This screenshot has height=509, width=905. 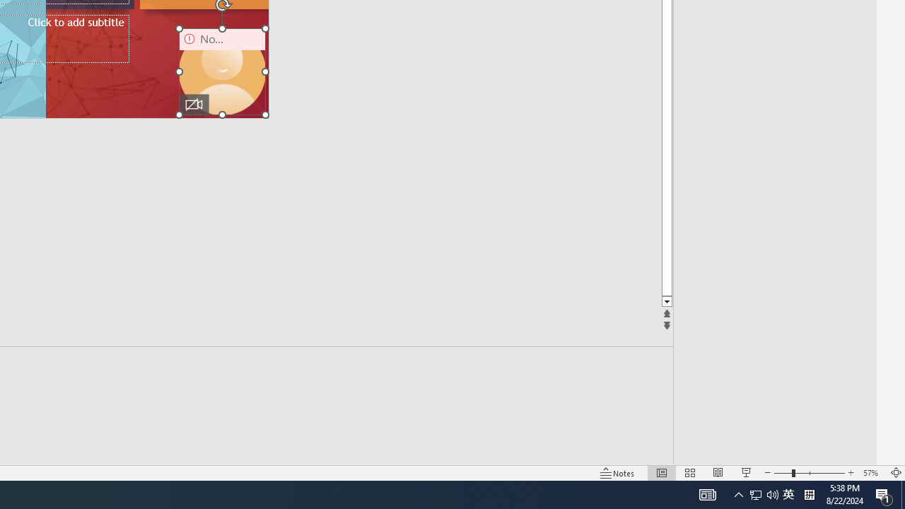 I want to click on 'Normal', so click(x=661, y=473).